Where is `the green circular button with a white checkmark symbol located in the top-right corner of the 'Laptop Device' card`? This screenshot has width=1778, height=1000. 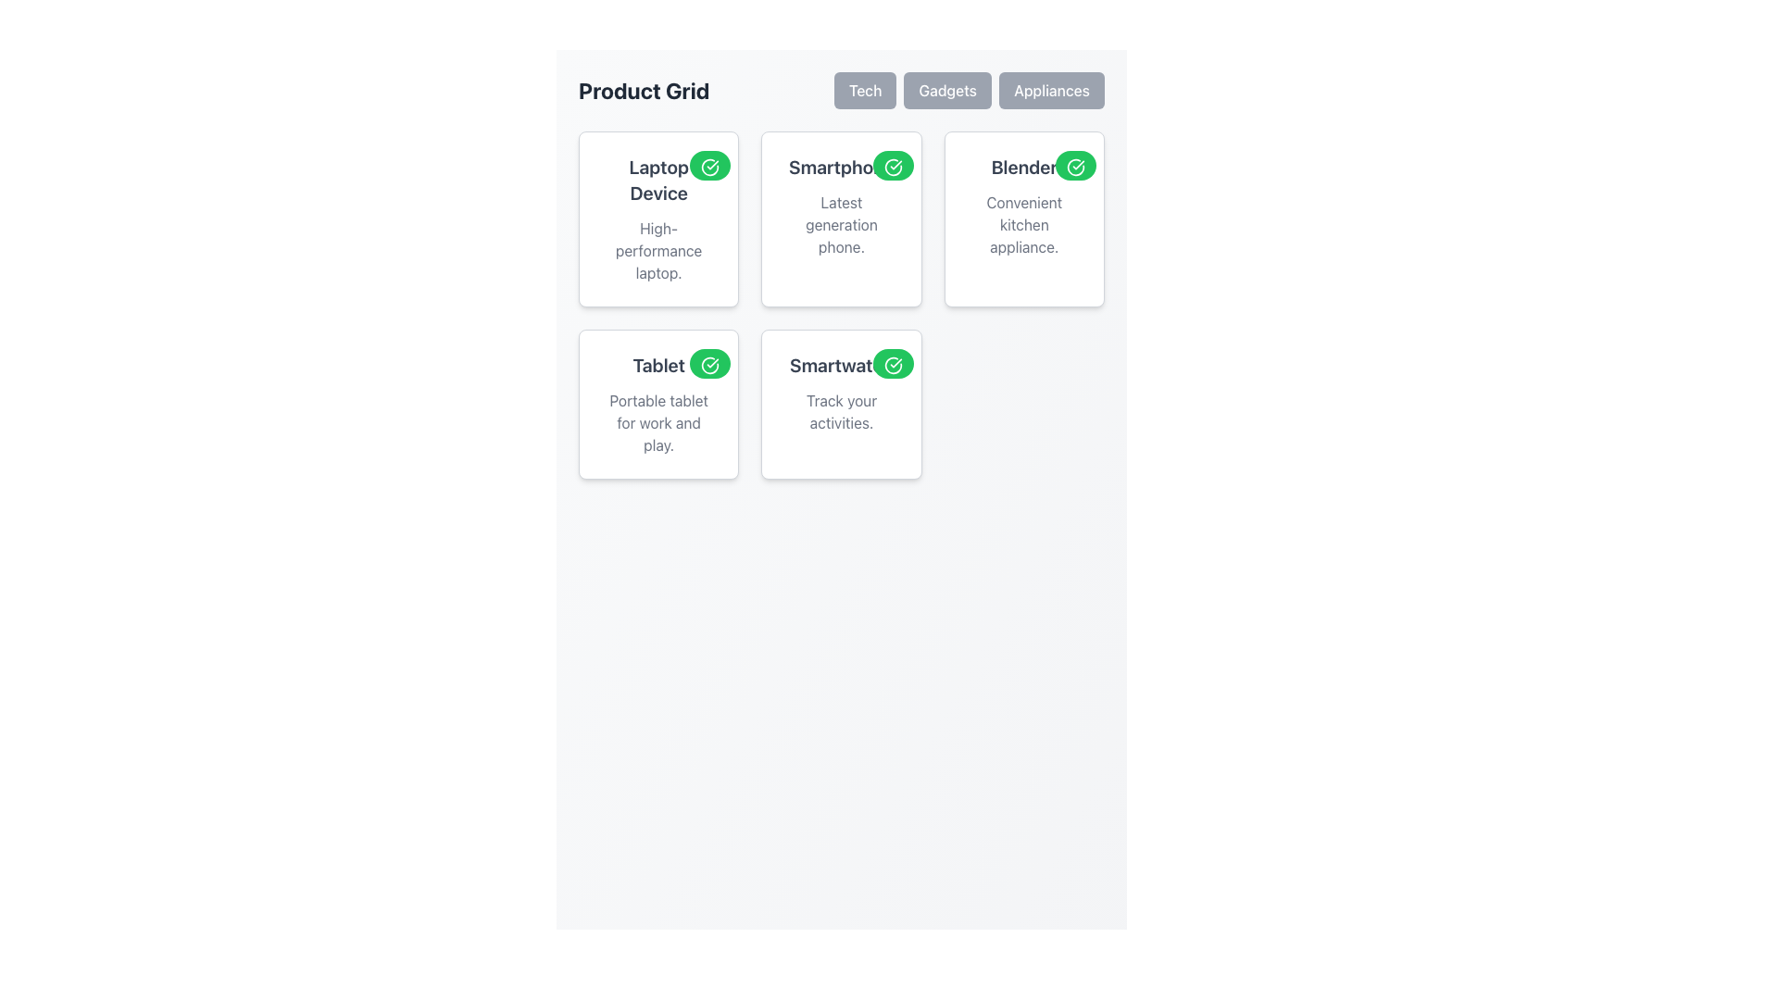 the green circular button with a white checkmark symbol located in the top-right corner of the 'Laptop Device' card is located at coordinates (709, 164).